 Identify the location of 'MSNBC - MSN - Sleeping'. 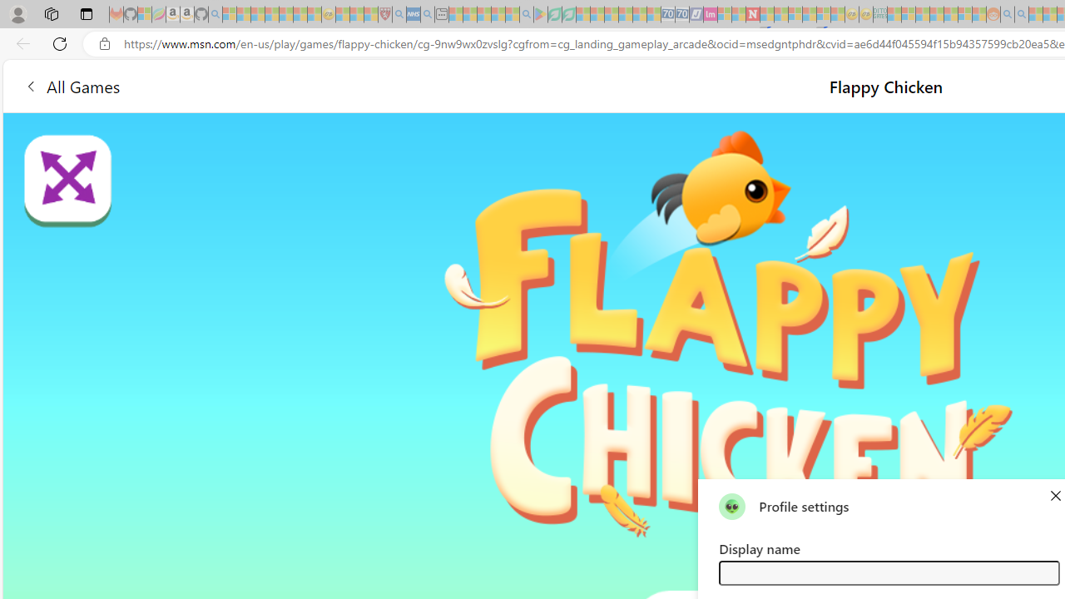
(894, 14).